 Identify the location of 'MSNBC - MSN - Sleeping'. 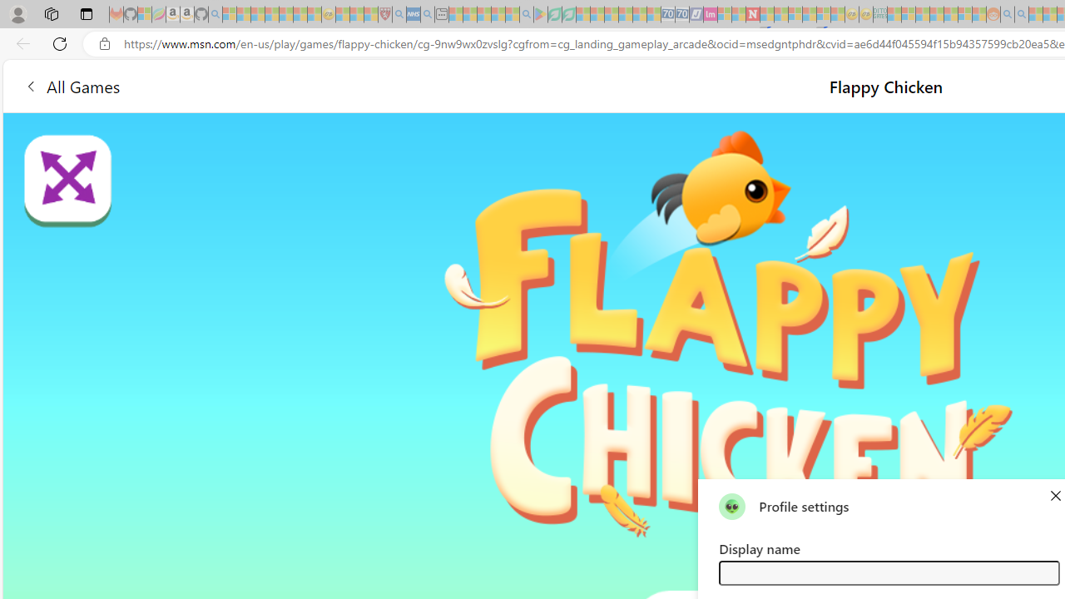
(894, 14).